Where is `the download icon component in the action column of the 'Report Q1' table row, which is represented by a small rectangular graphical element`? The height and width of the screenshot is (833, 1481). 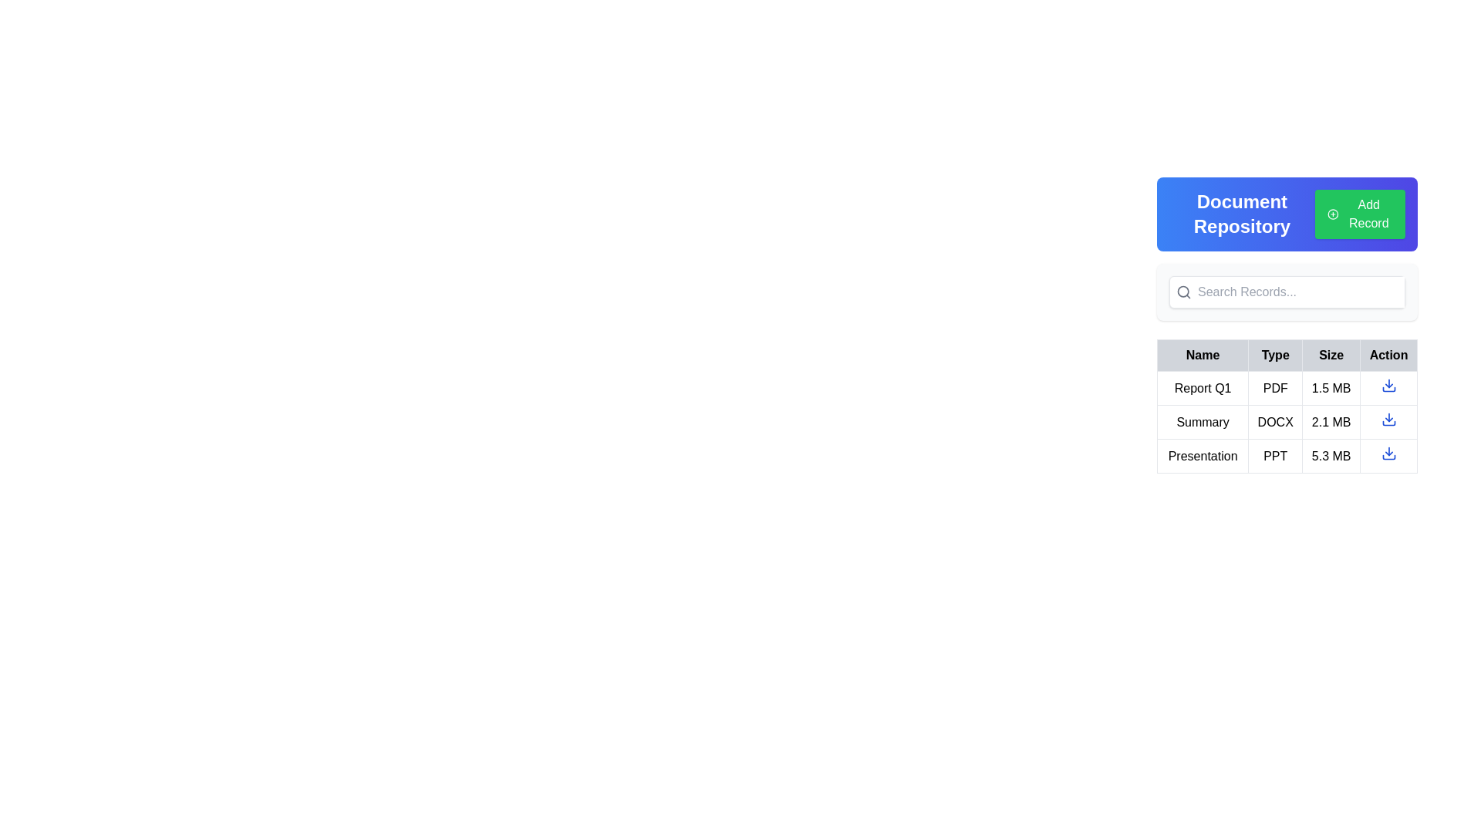 the download icon component in the action column of the 'Report Q1' table row, which is represented by a small rectangular graphical element is located at coordinates (1388, 389).